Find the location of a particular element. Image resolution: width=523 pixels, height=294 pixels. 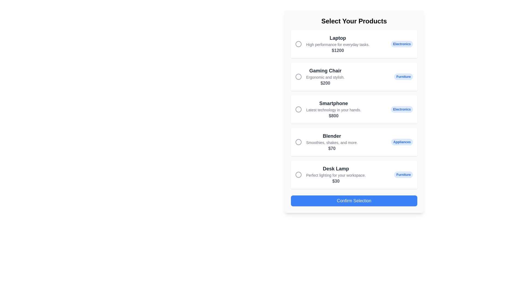

the descriptive text label for the product 'Laptop', which is located below the heading 'Laptop' and above the pricing information '$1200' is located at coordinates (337, 44).